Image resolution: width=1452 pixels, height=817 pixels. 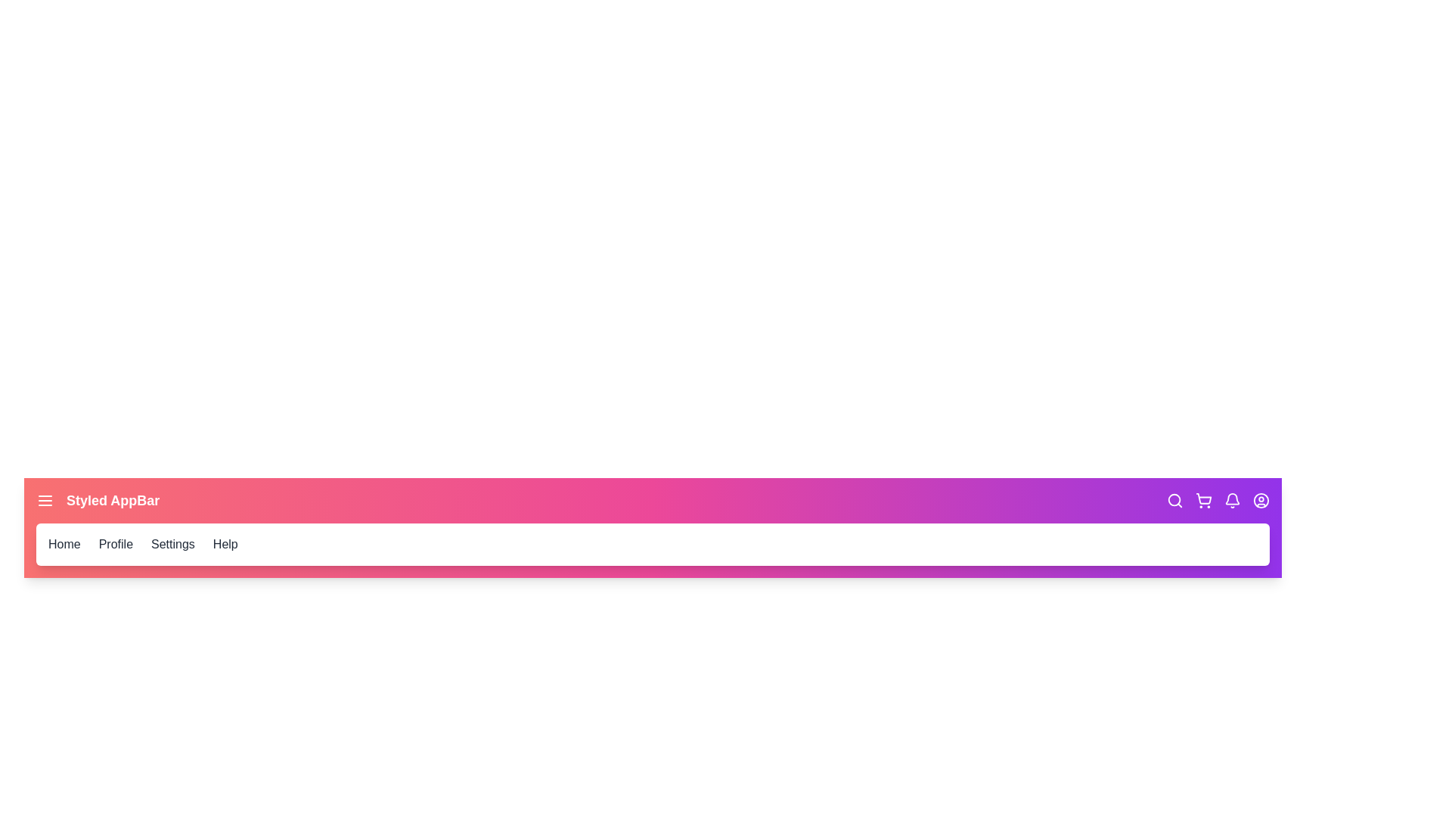 What do you see at coordinates (1233, 501) in the screenshot?
I see `the 'Notification' icon to view notifications` at bounding box center [1233, 501].